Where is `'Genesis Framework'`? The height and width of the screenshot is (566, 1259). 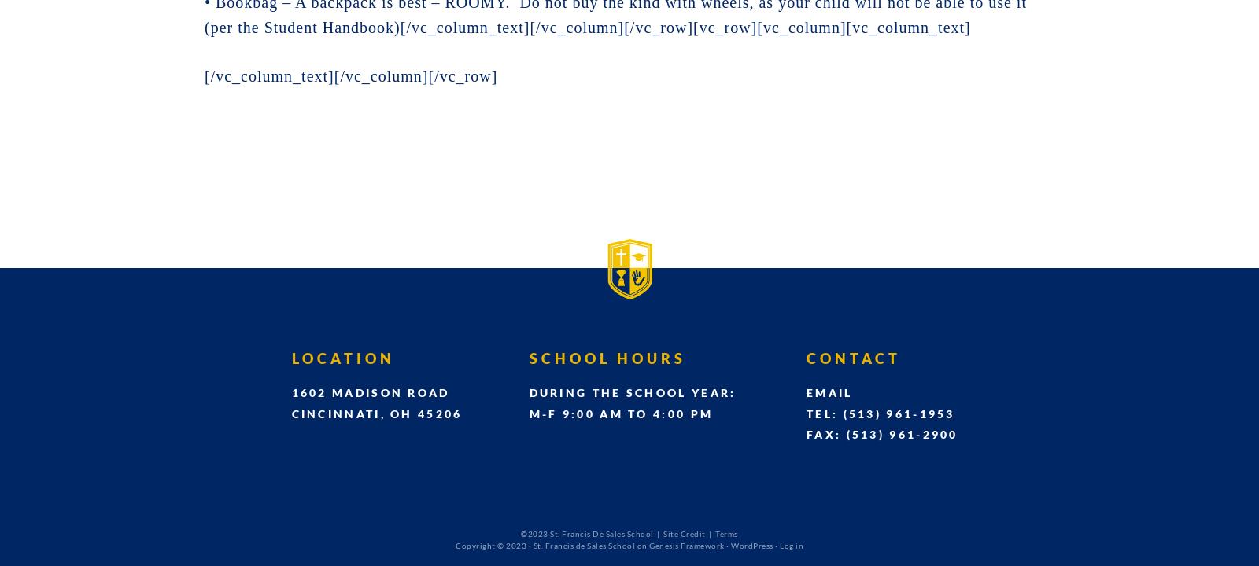
'Genesis Framework' is located at coordinates (685, 544).